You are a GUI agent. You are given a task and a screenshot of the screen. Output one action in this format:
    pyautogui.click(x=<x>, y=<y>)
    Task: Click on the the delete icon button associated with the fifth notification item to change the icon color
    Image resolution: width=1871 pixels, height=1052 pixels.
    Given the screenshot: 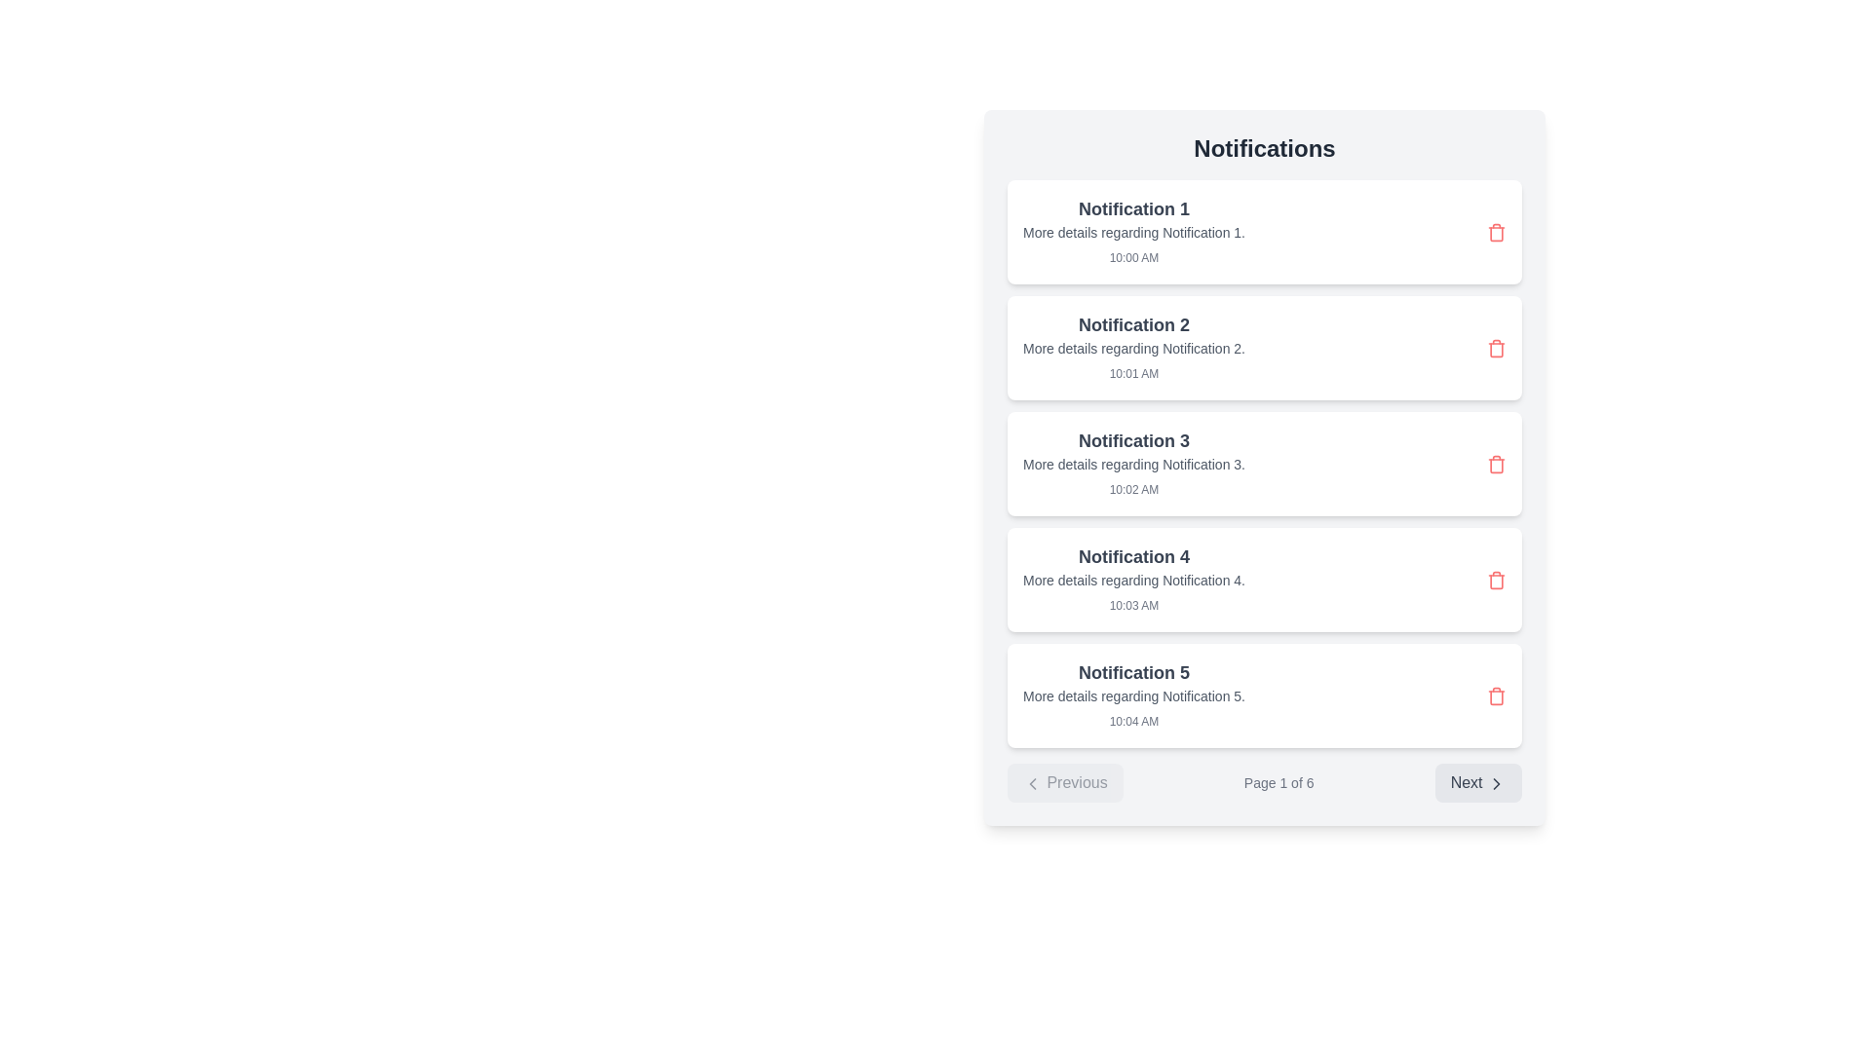 What is the action you would take?
    pyautogui.click(x=1496, y=694)
    